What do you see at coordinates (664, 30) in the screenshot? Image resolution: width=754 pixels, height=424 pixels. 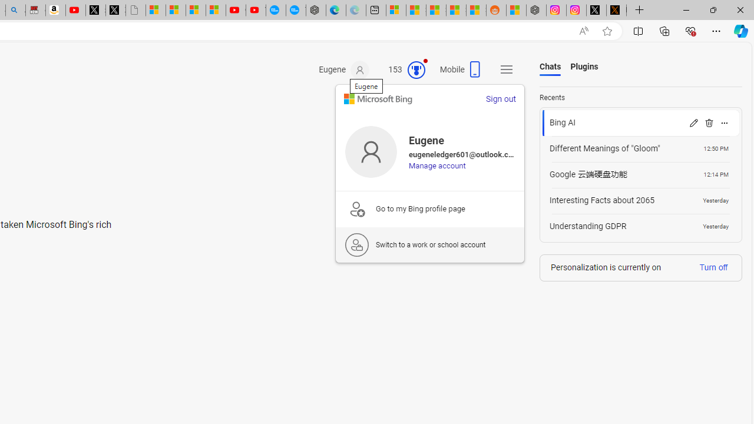 I see `'Collections'` at bounding box center [664, 30].